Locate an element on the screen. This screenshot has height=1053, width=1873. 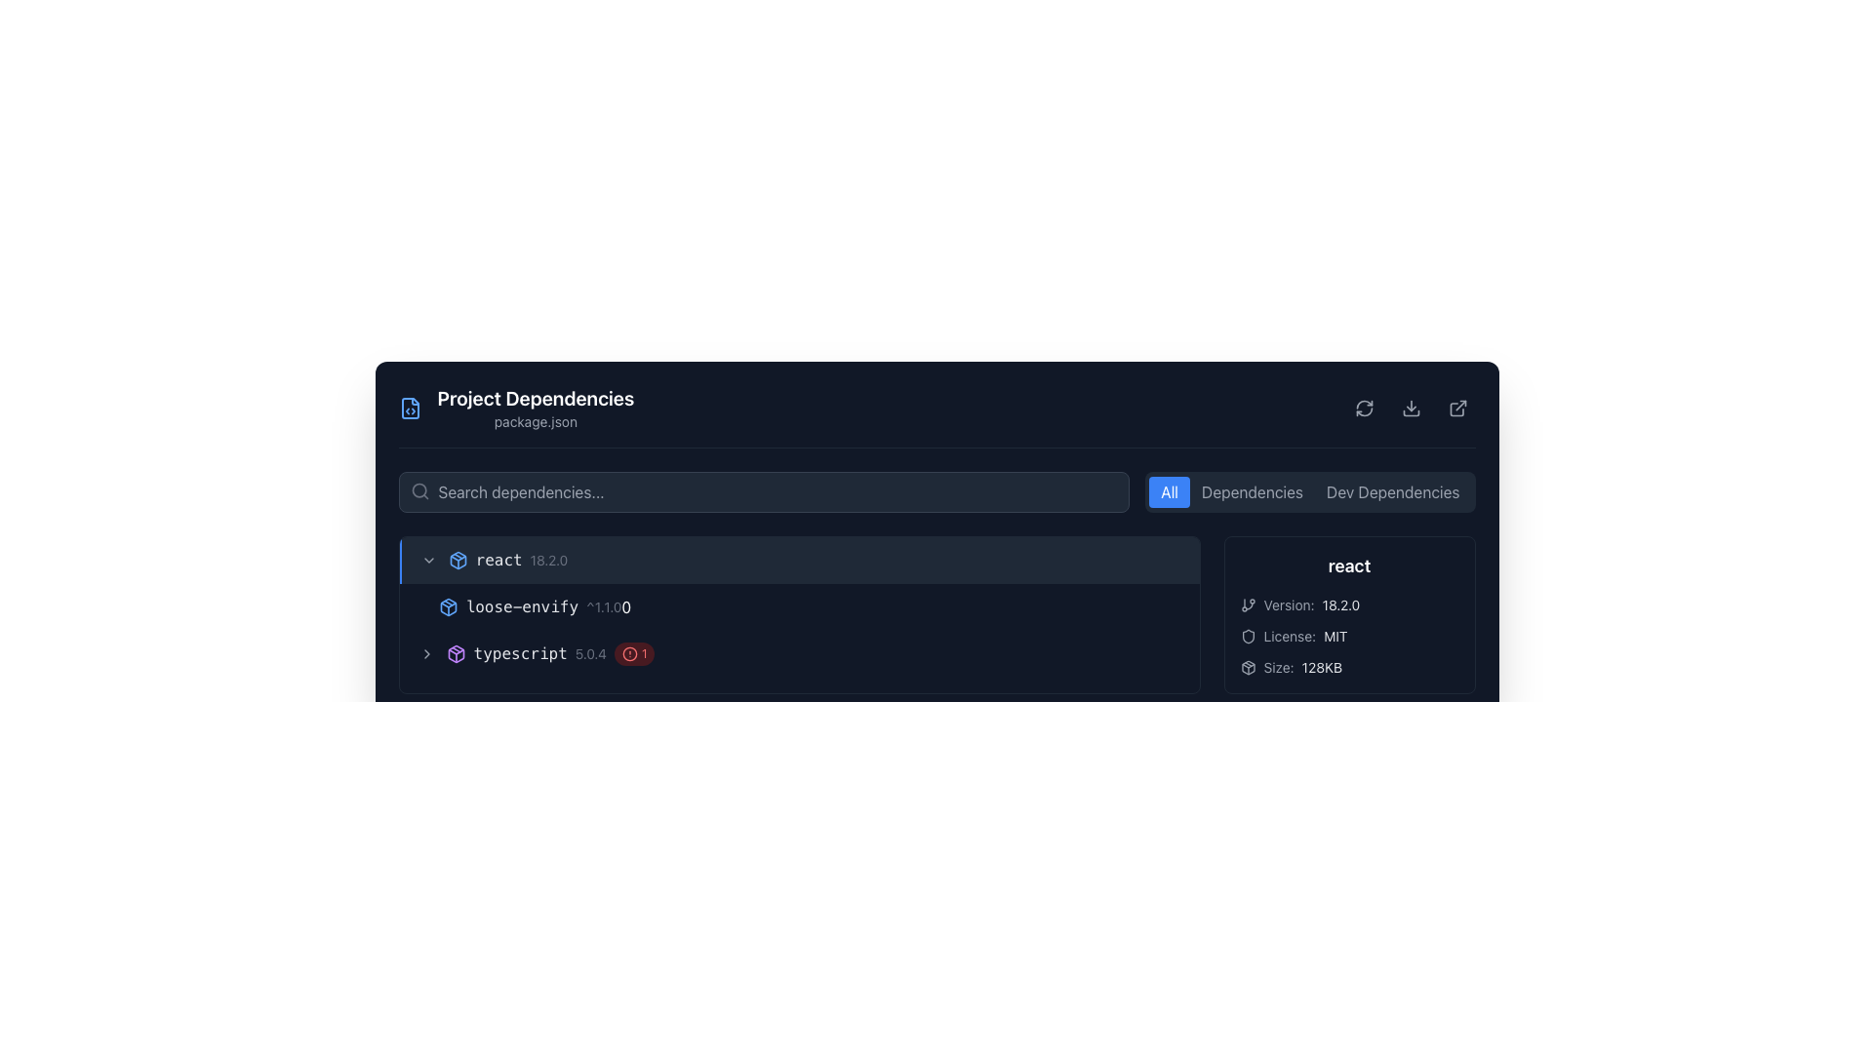
the text label displaying '18.2.0', which is located to the right of the 'react' text in the same row is located at coordinates (547, 560).